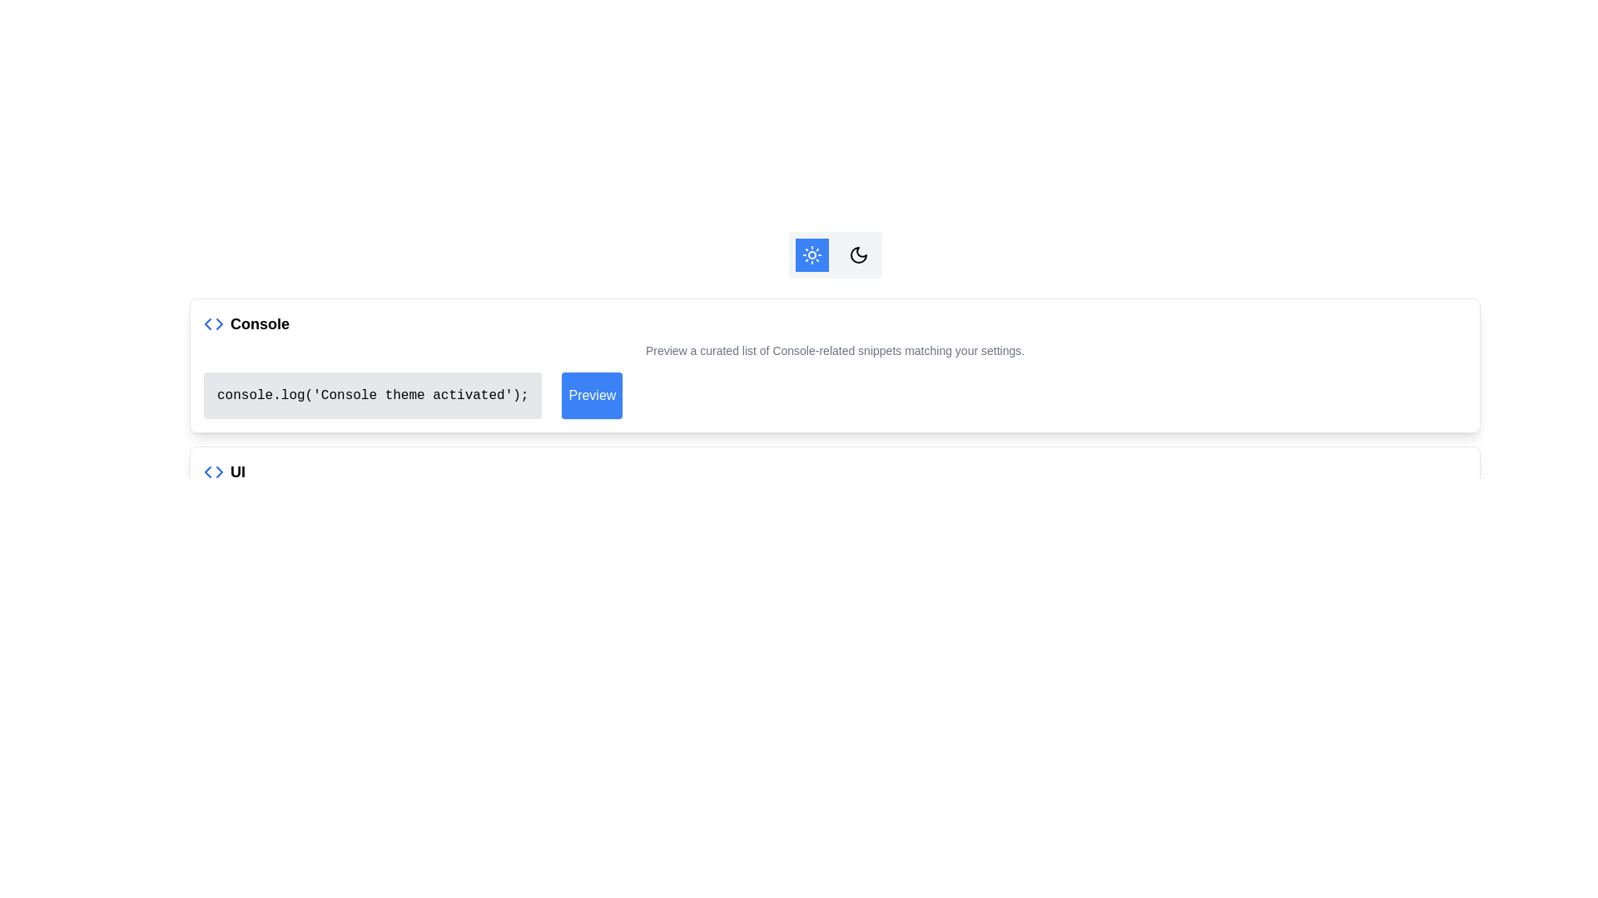 Image resolution: width=1598 pixels, height=898 pixels. What do you see at coordinates (811, 255) in the screenshot?
I see `the rectangular button with a blue background and white text, featuring a sun icon` at bounding box center [811, 255].